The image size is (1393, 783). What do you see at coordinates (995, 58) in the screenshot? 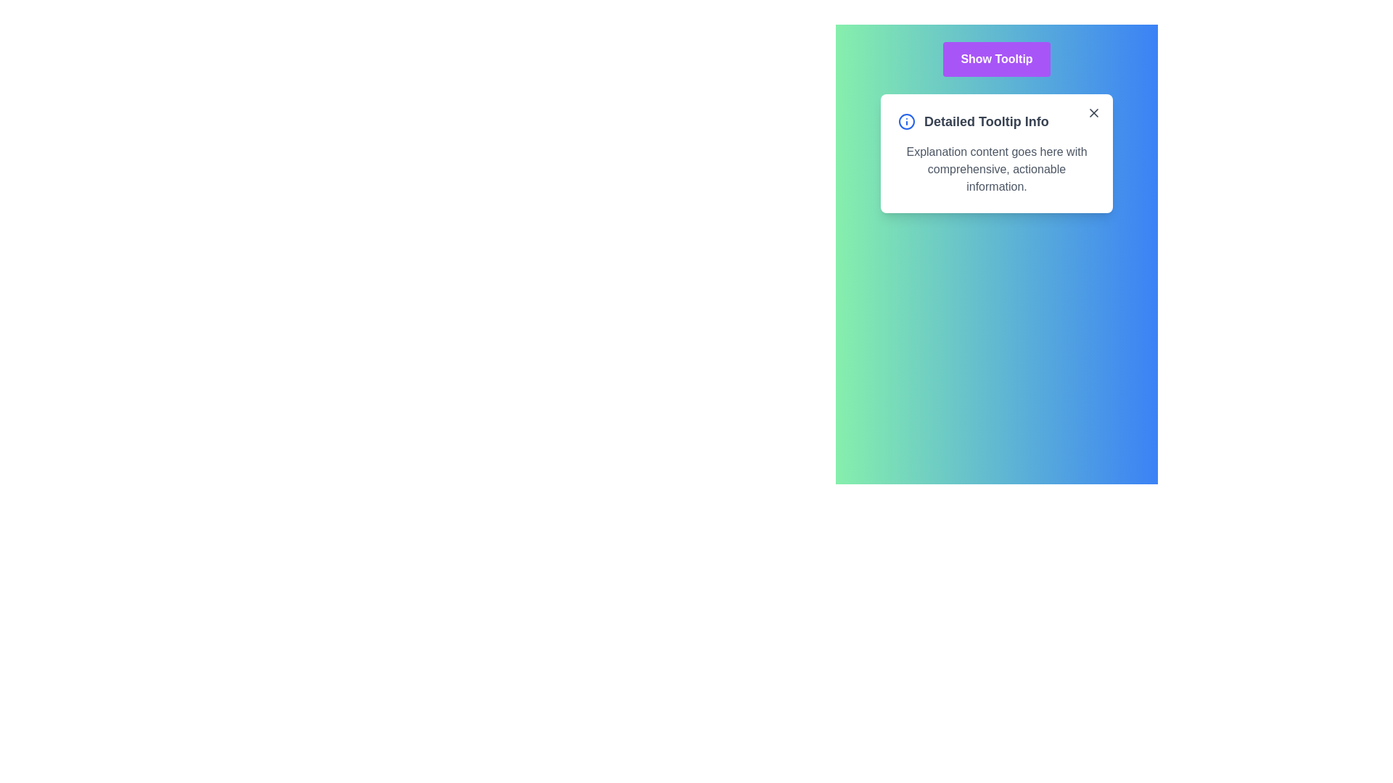
I see `the rectangular button with rounded corners, vibrant purple background, and white bold text reading 'Show Tooltip'` at bounding box center [995, 58].